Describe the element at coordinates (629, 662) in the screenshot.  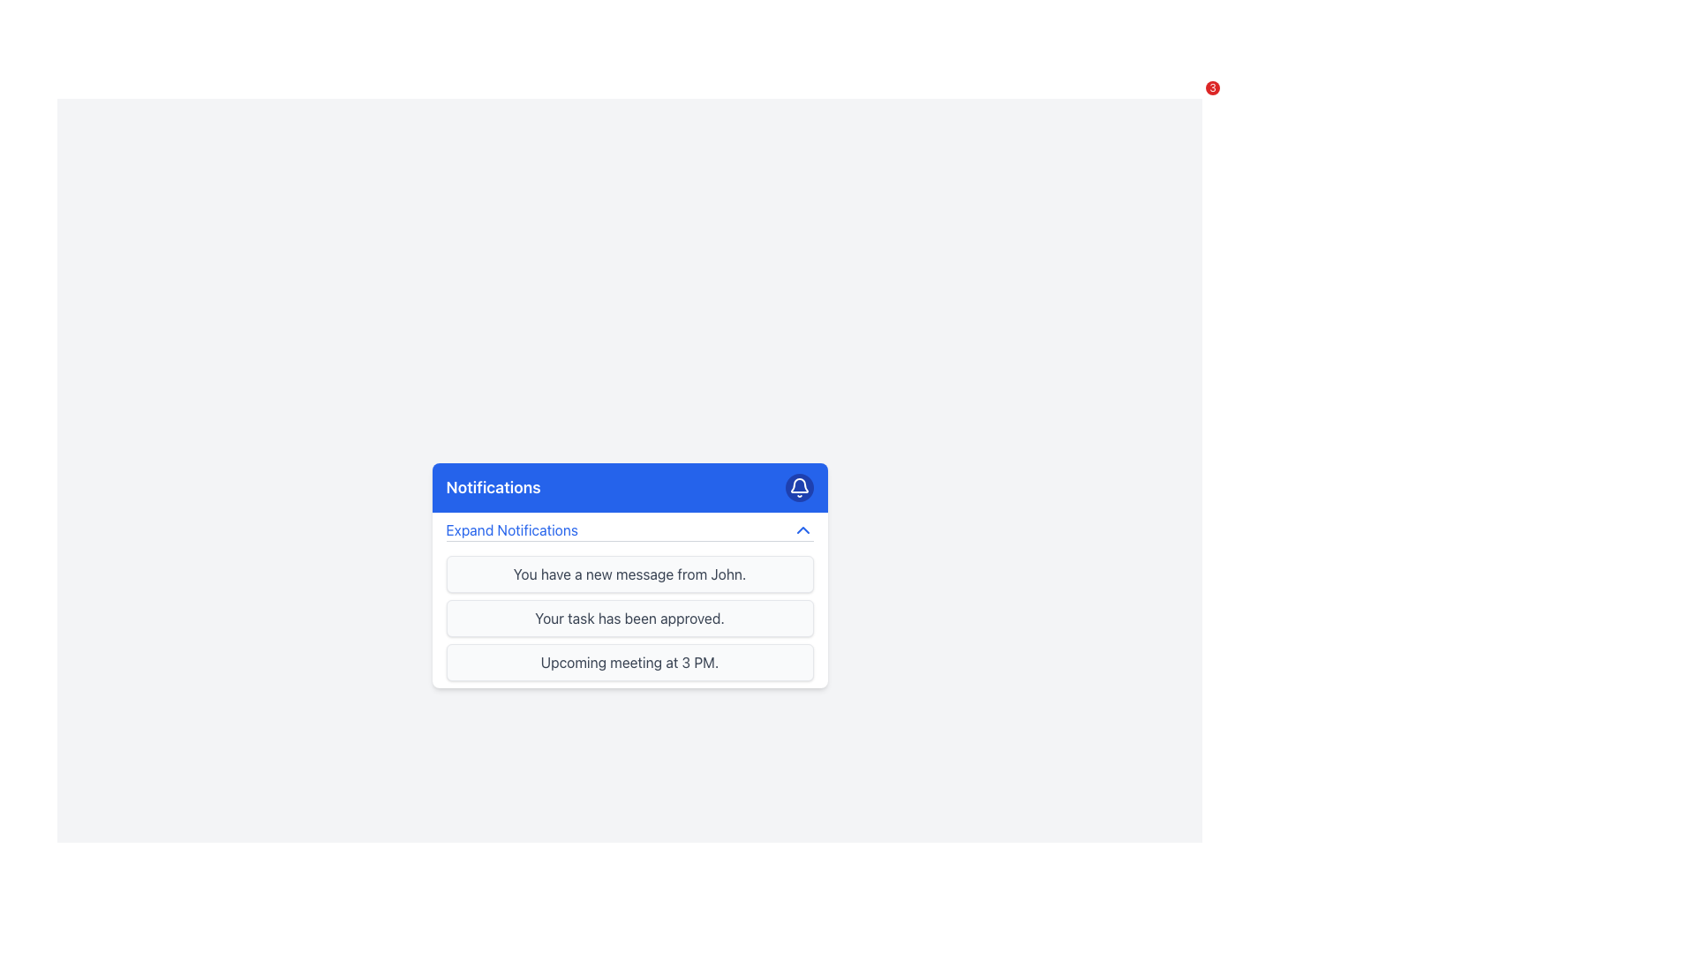
I see `the highlighted static text item in the notification panel that displays the message "Upcoming meeting at 3 PM."` at that location.